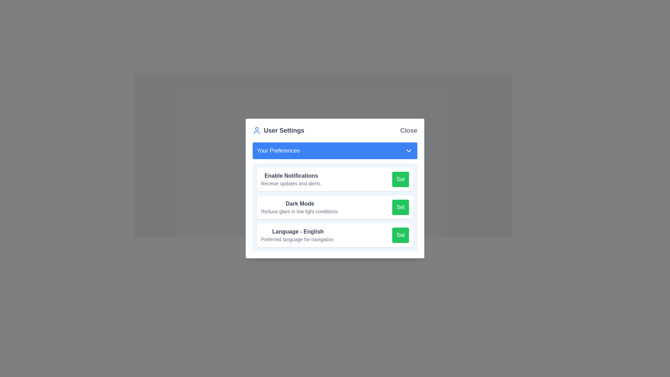  Describe the element at coordinates (298, 235) in the screenshot. I see `the informational text block that displays the current language setting ('English') in the lower section of the preference settings modal` at that location.